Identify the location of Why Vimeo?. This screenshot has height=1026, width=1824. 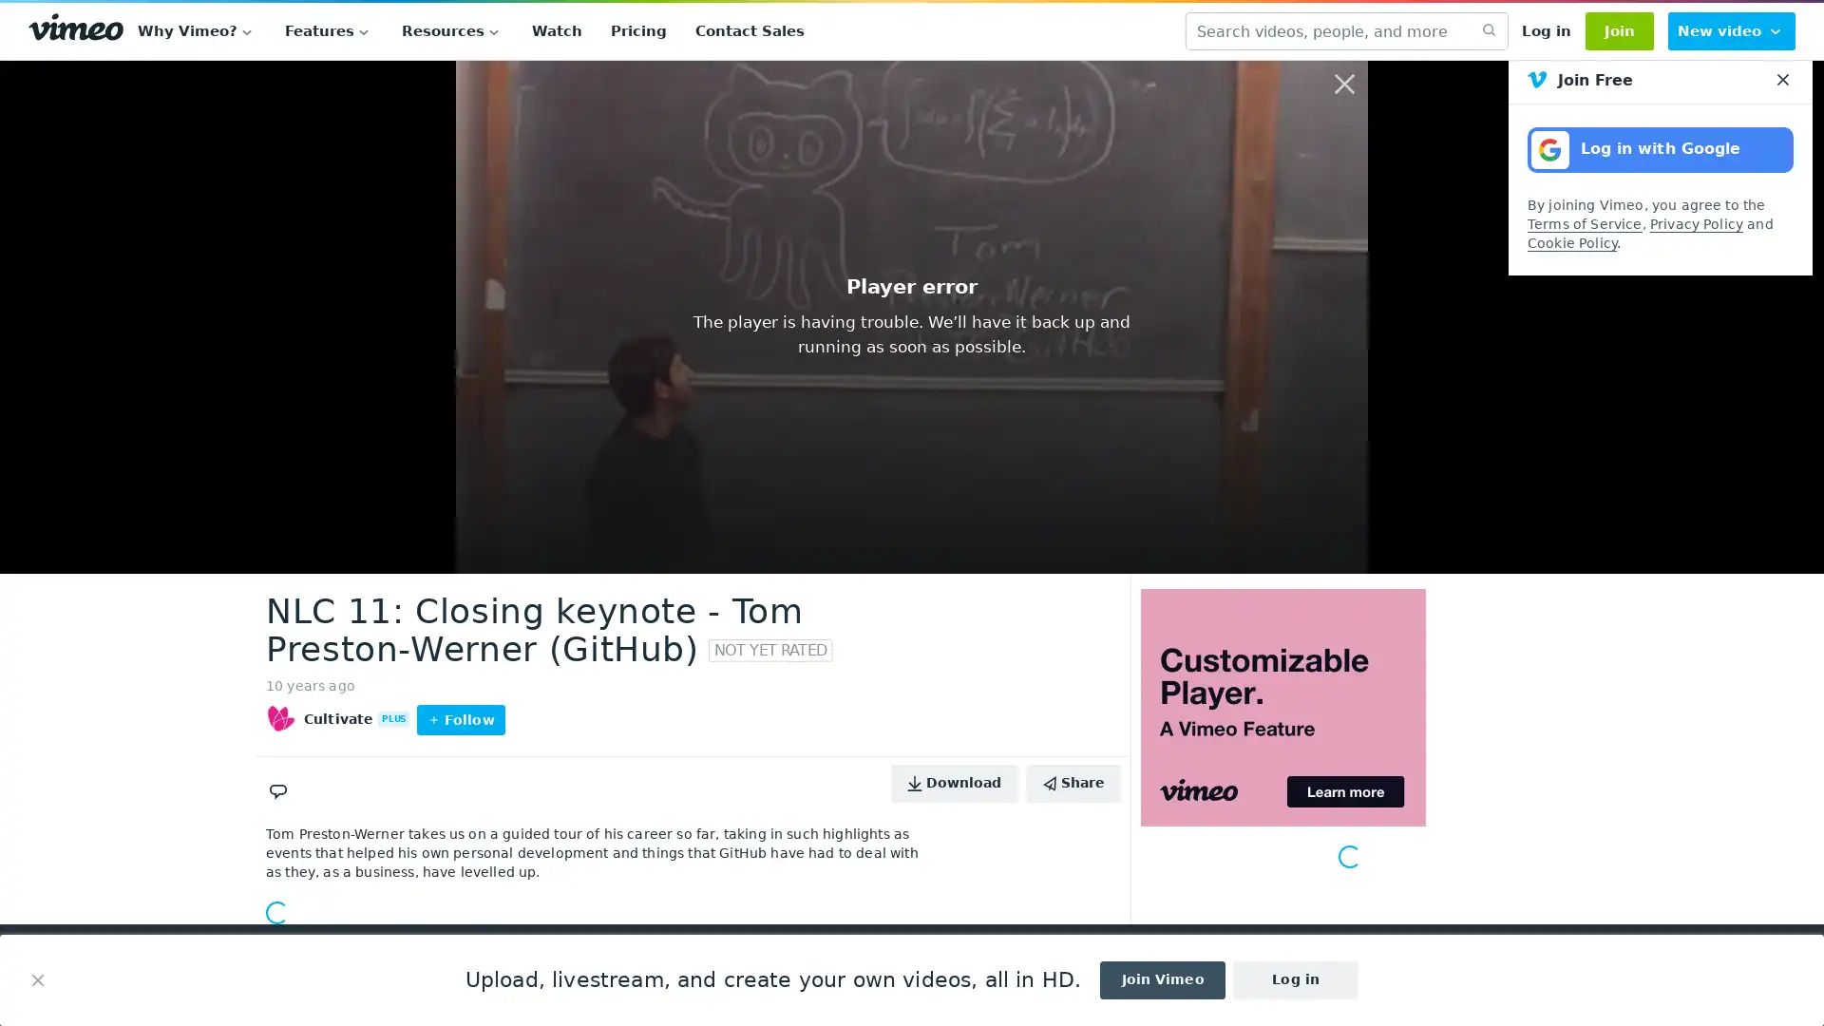
(197, 31).